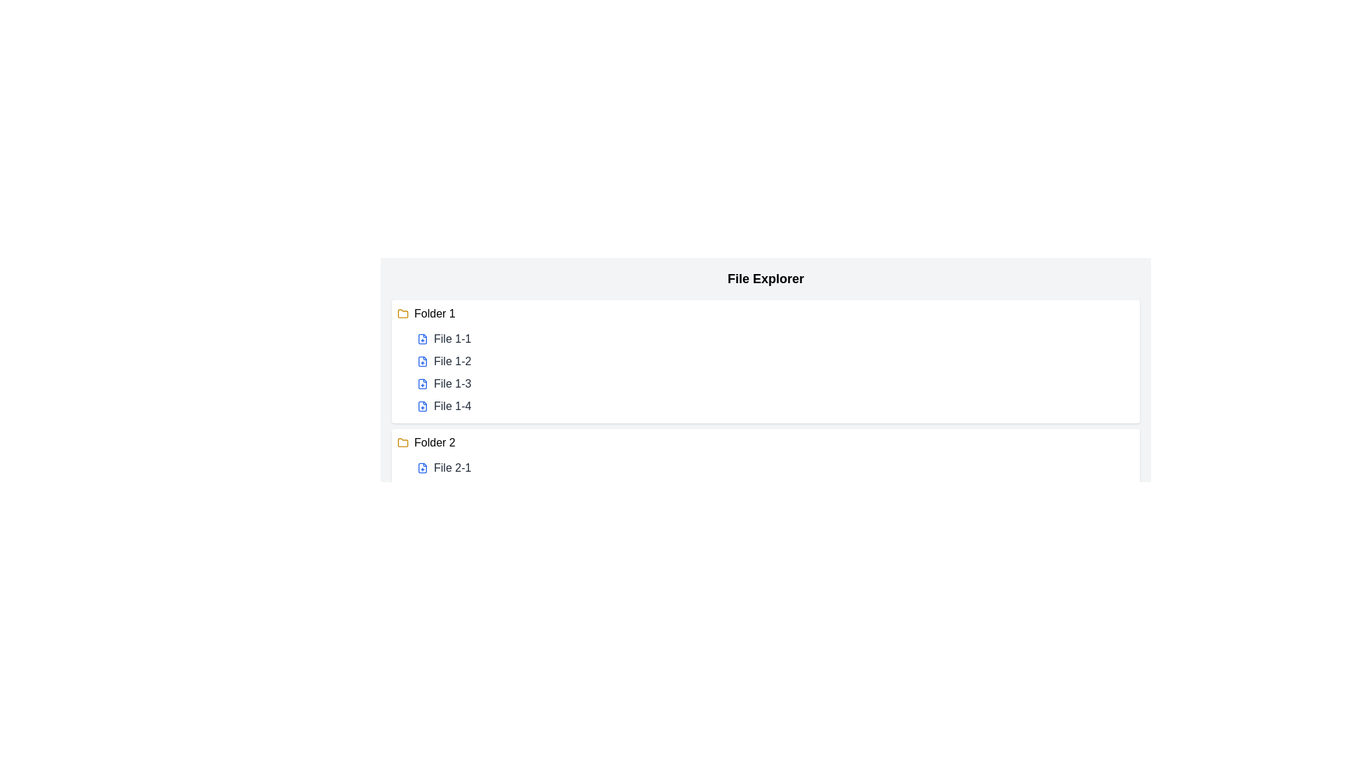  Describe the element at coordinates (452, 468) in the screenshot. I see `the text label 'File 2-1'` at that location.